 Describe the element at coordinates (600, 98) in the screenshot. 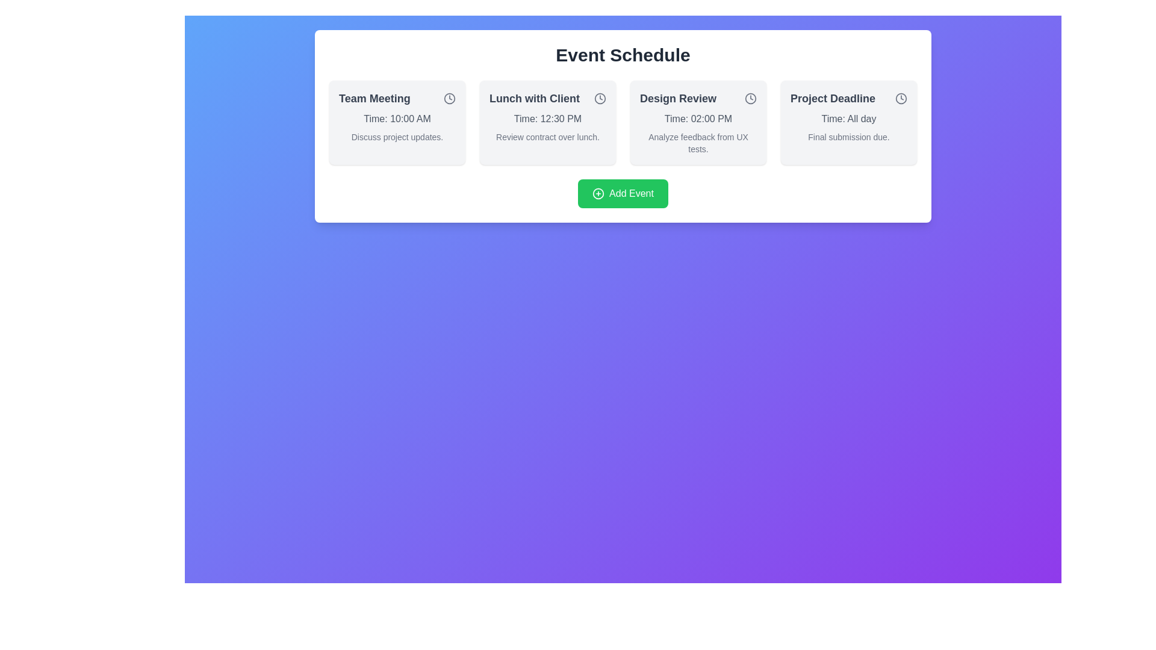

I see `the clock icon located within the 'Lunch with Client' card, positioned to the right of the title text 'Lunch with Client'` at that location.